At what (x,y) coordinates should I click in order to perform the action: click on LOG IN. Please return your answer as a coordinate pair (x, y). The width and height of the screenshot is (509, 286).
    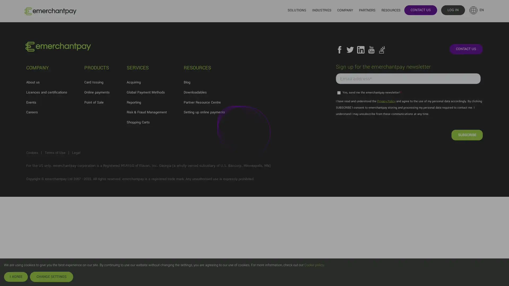
    Looking at the image, I should click on (453, 10).